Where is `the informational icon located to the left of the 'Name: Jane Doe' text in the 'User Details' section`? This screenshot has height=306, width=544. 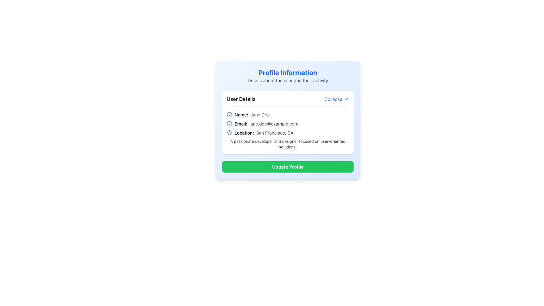 the informational icon located to the left of the 'Name: Jane Doe' text in the 'User Details' section is located at coordinates (229, 115).